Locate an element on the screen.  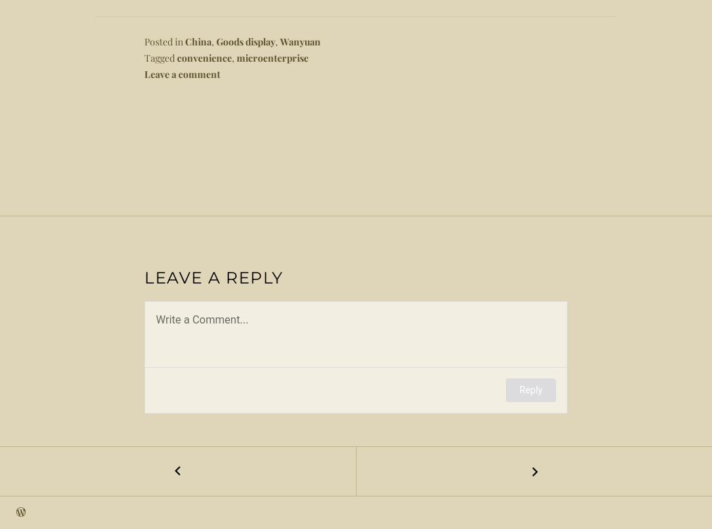
'China' is located at coordinates (197, 41).